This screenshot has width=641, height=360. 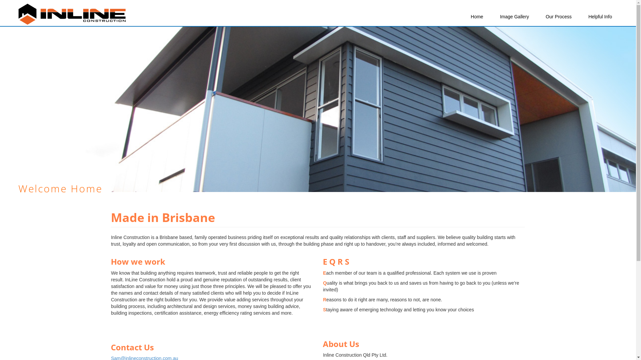 What do you see at coordinates (514, 16) in the screenshot?
I see `'Image Gallery'` at bounding box center [514, 16].